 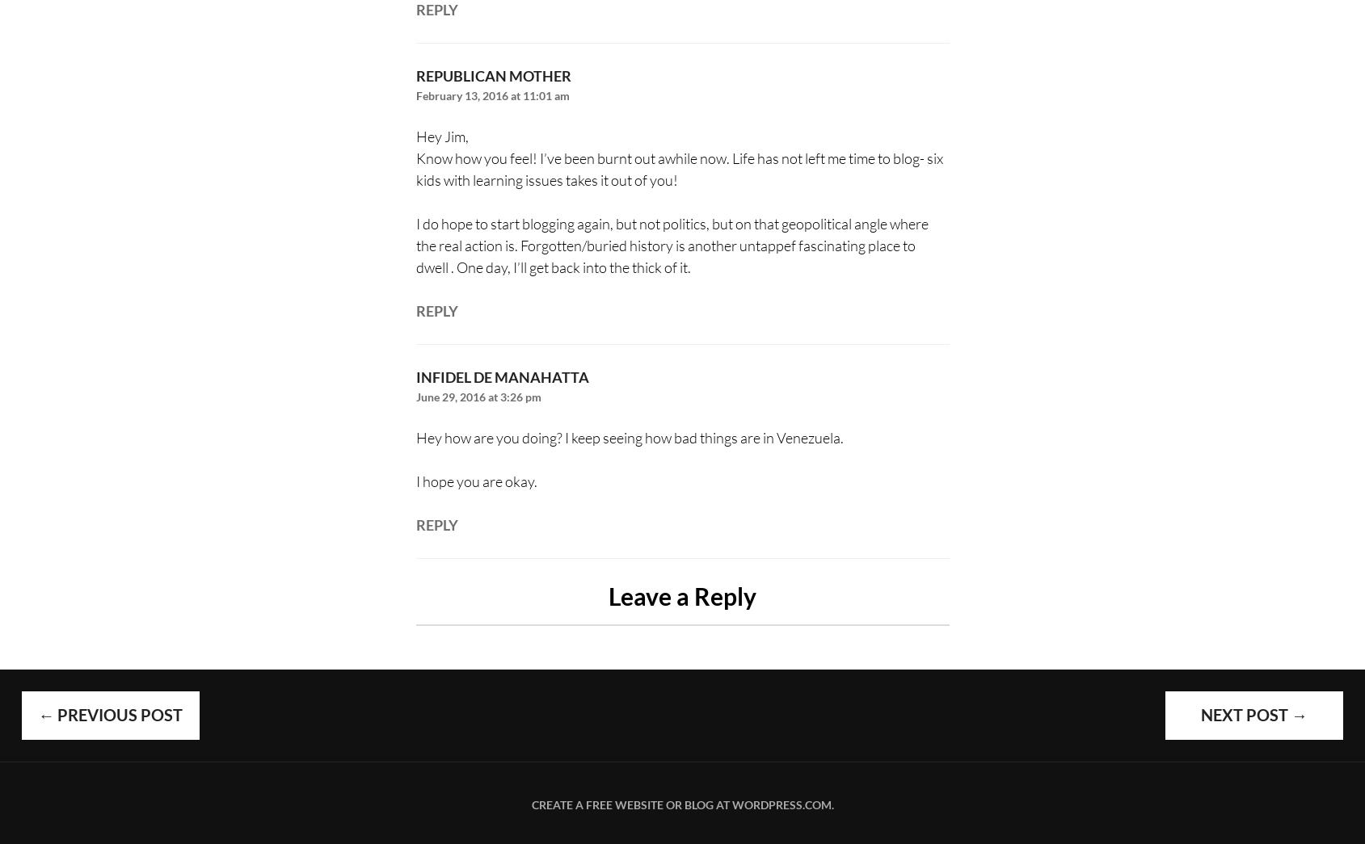 I want to click on 'Hey how are you doing? I keep seeing how bad things are in Venezuela.', so click(x=628, y=438).